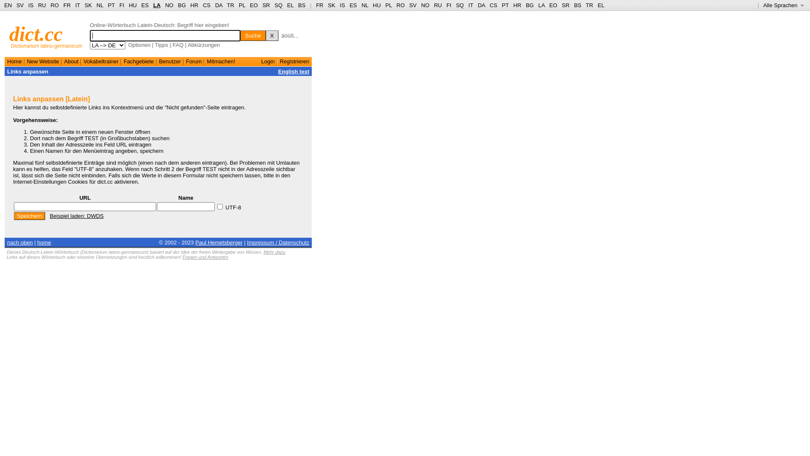 The width and height of the screenshot is (810, 456). I want to click on 'English text', so click(294, 71).